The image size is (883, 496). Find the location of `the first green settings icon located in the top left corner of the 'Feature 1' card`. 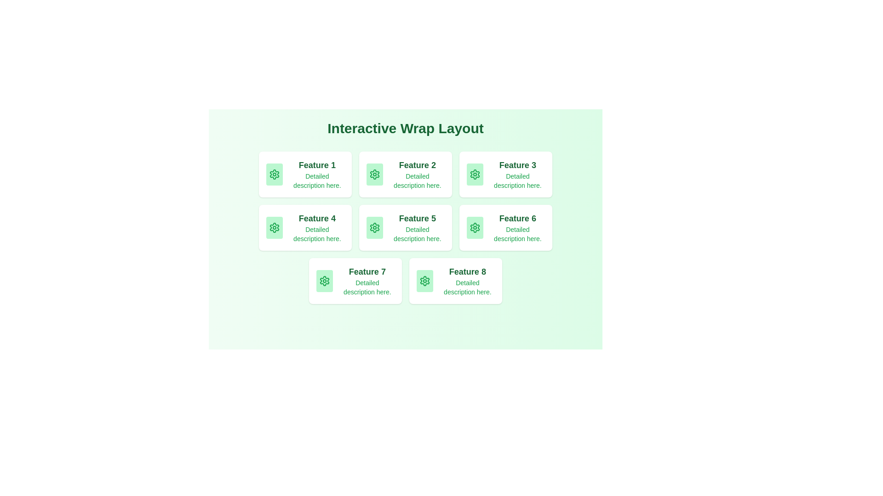

the first green settings icon located in the top left corner of the 'Feature 1' card is located at coordinates (274, 175).